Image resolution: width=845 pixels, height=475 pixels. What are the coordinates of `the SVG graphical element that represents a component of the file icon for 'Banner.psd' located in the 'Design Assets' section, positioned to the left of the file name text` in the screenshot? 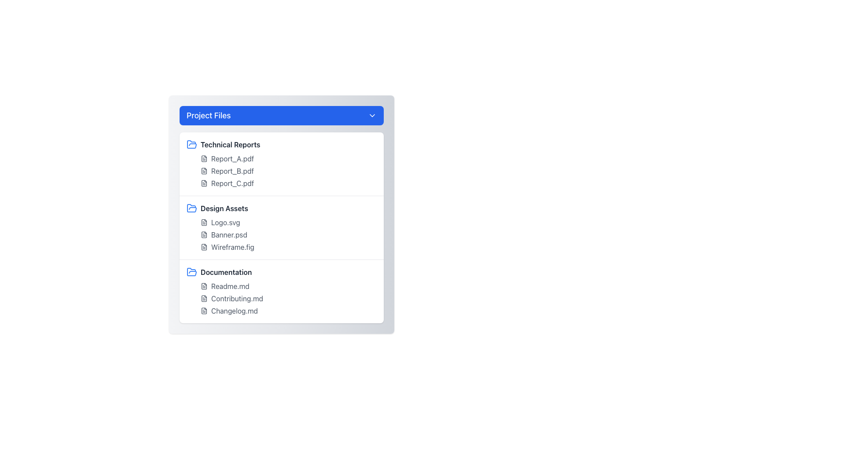 It's located at (204, 234).